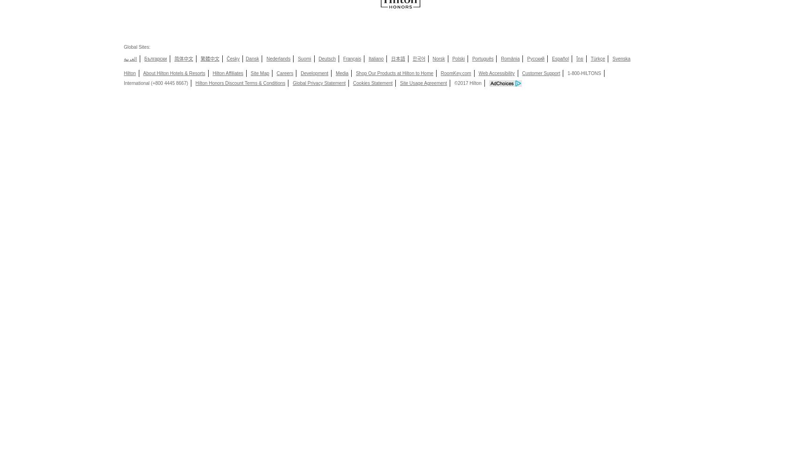  What do you see at coordinates (314, 73) in the screenshot?
I see `'Development'` at bounding box center [314, 73].